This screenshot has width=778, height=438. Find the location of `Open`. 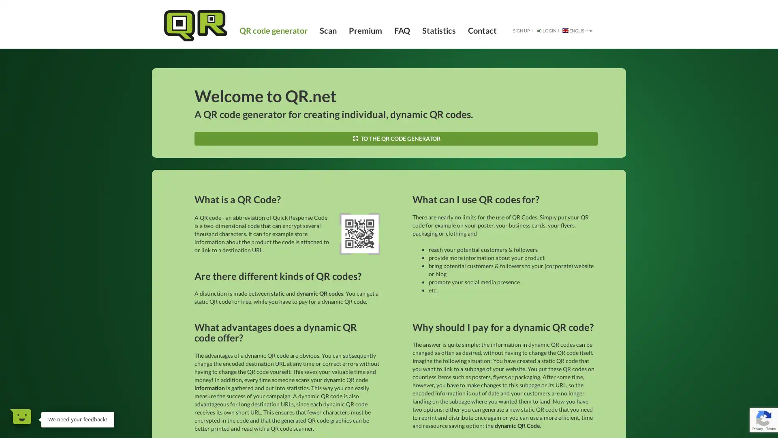

Open is located at coordinates (21, 416).